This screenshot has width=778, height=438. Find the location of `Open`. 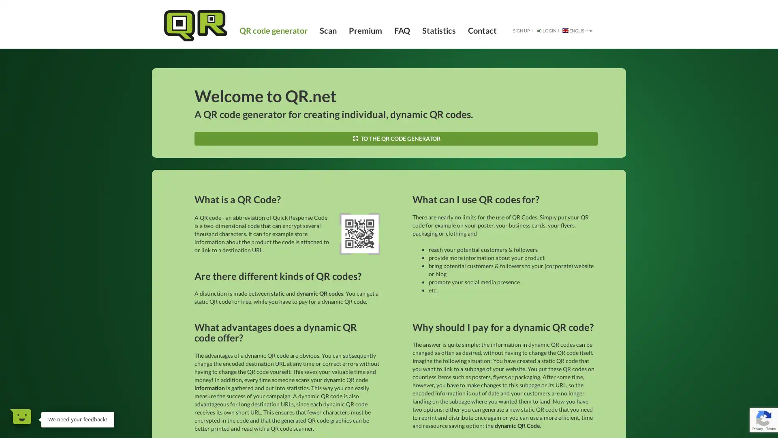

Open is located at coordinates (21, 416).